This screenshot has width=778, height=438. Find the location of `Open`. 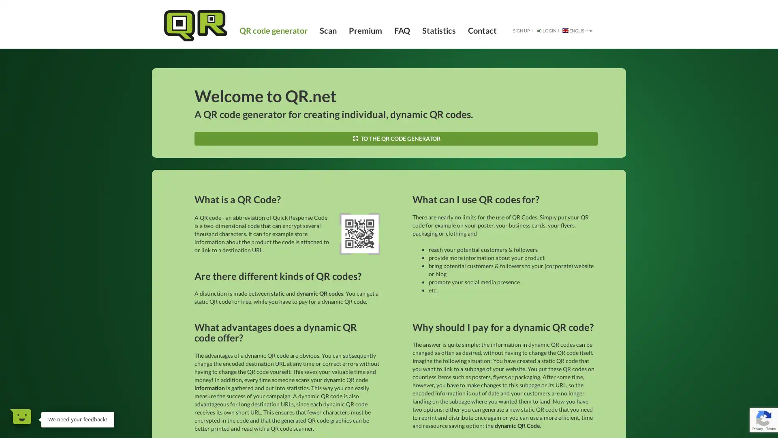

Open is located at coordinates (21, 416).